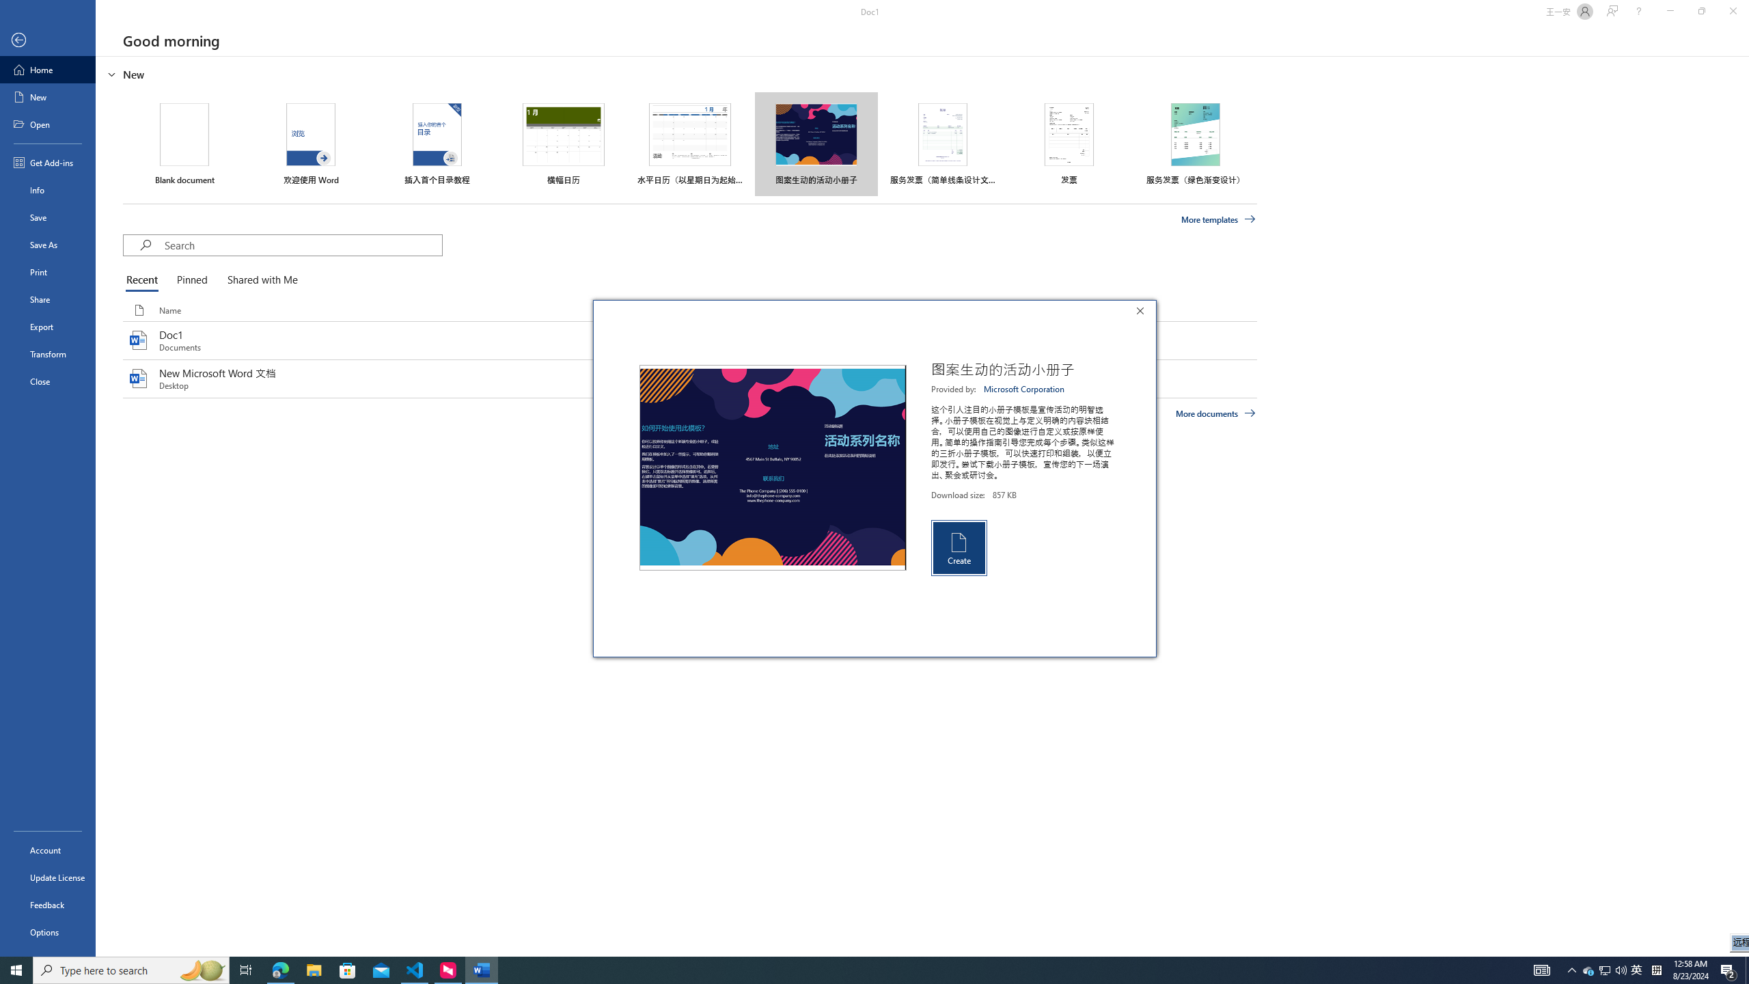 The width and height of the screenshot is (1749, 984). Describe the element at coordinates (47, 905) in the screenshot. I see `'Feedback'` at that location.